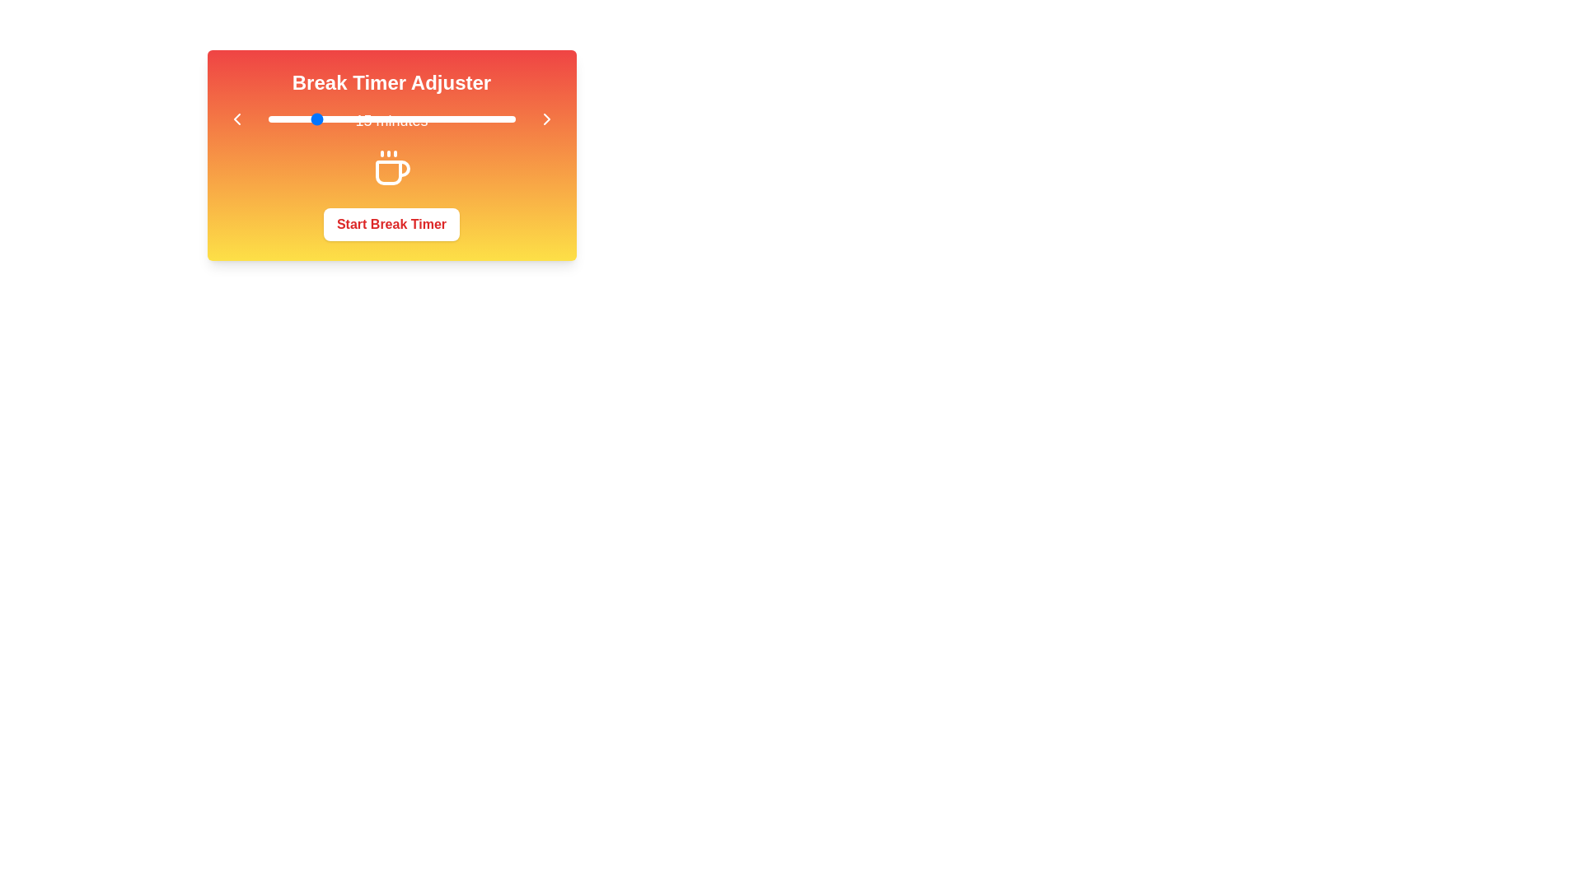  I want to click on the coffee icon to interact with it, so click(391, 168).